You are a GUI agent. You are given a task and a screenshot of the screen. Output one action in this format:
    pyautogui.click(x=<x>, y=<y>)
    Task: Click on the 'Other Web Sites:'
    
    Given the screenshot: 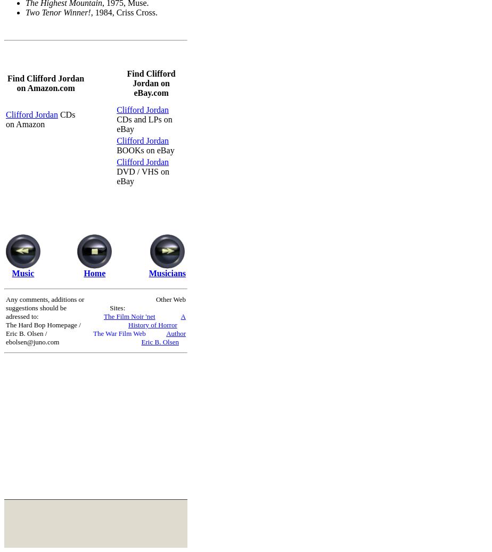 What is the action you would take?
    pyautogui.click(x=147, y=303)
    